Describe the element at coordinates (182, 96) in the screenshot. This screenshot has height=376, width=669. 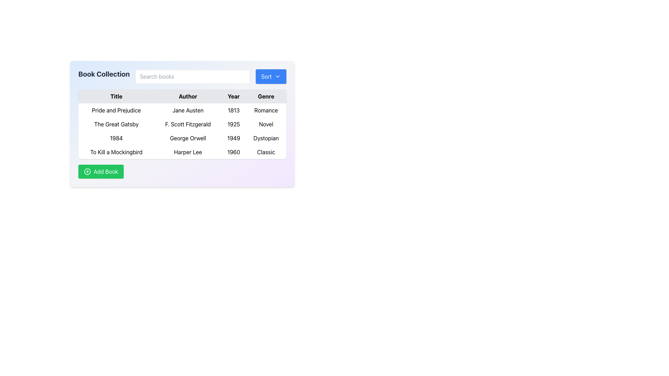
I see `text contents of the header row in the data table that includes column labels for 'Title', 'Author', 'Year', and 'Genre'` at that location.